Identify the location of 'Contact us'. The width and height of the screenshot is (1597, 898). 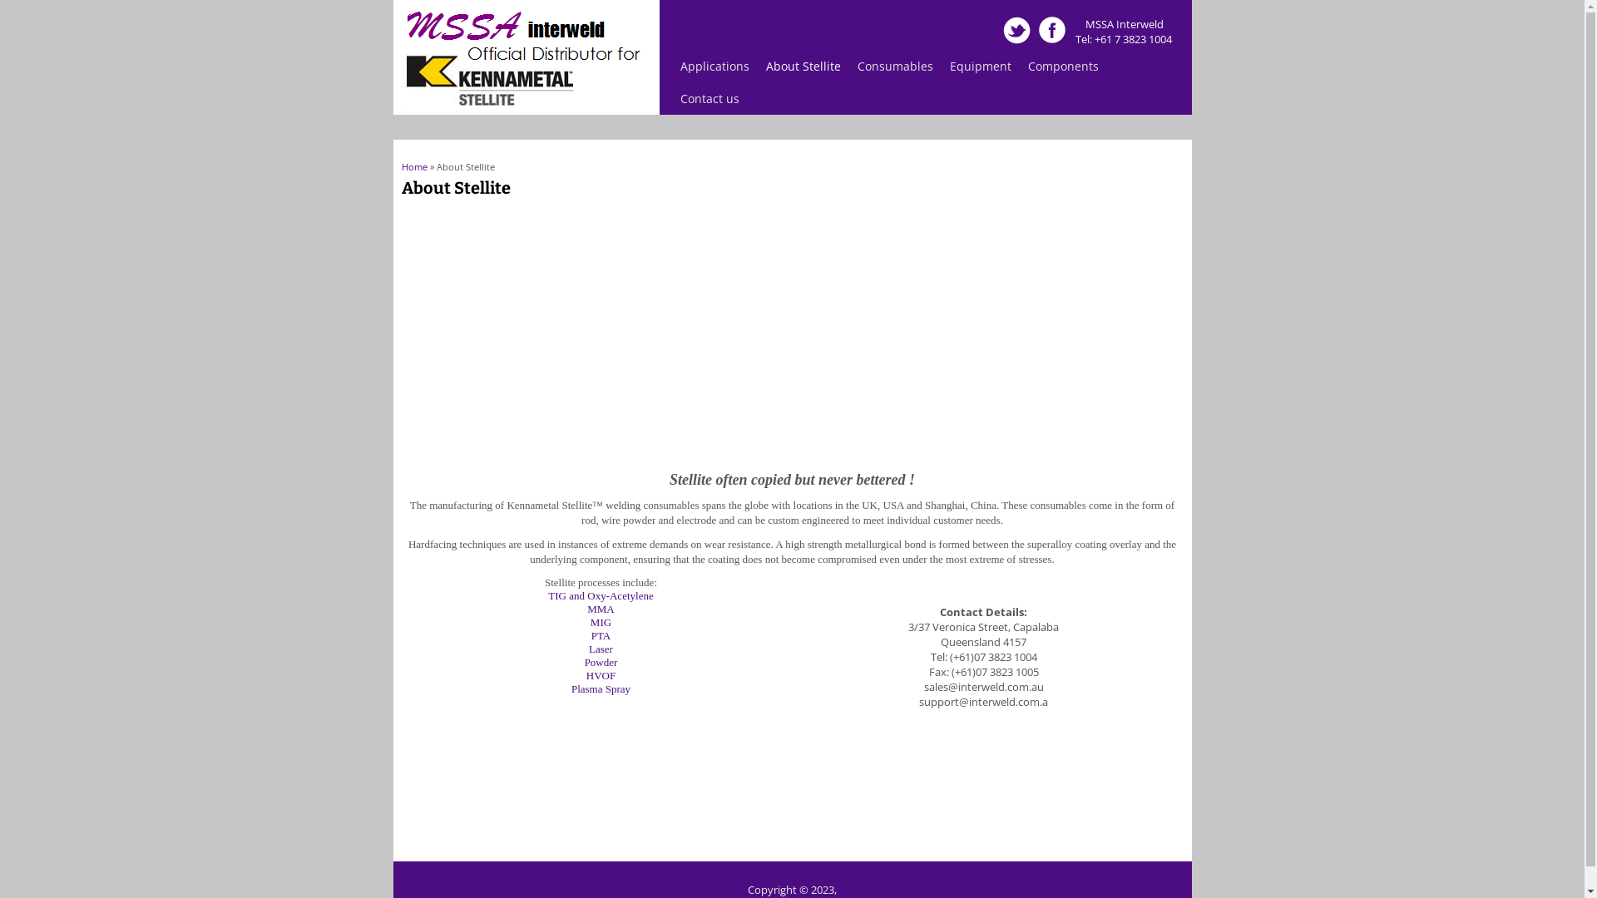
(710, 98).